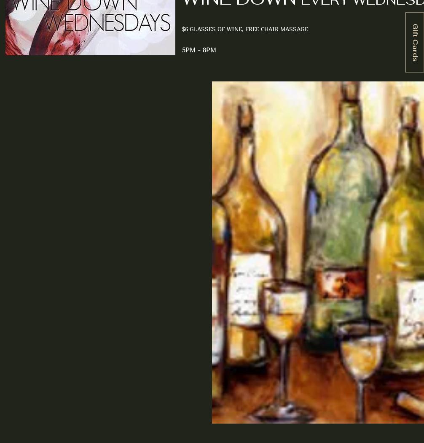 The image size is (424, 443). I want to click on 'Upcoming Tasting & Special Events', so click(111, 151).